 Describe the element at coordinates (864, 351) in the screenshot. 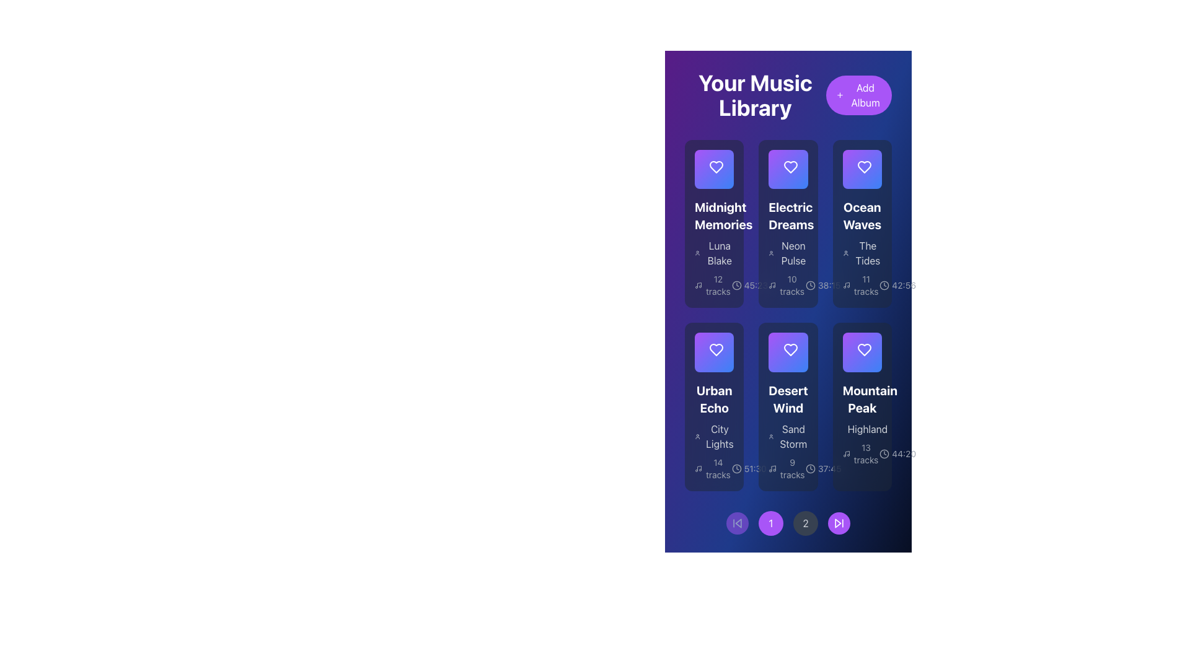

I see `the heart icon in the top-right corner of the 'Mountain Peak' album card` at that location.